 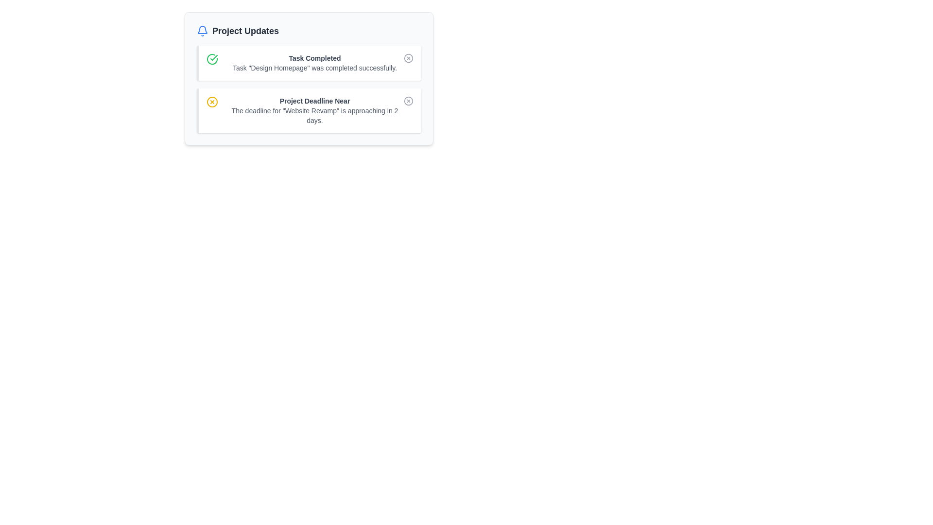 What do you see at coordinates (408, 101) in the screenshot?
I see `the circular shape with a visible border located centrally within a square icon at the right side of the second item in the vertically-stacked notification list` at bounding box center [408, 101].